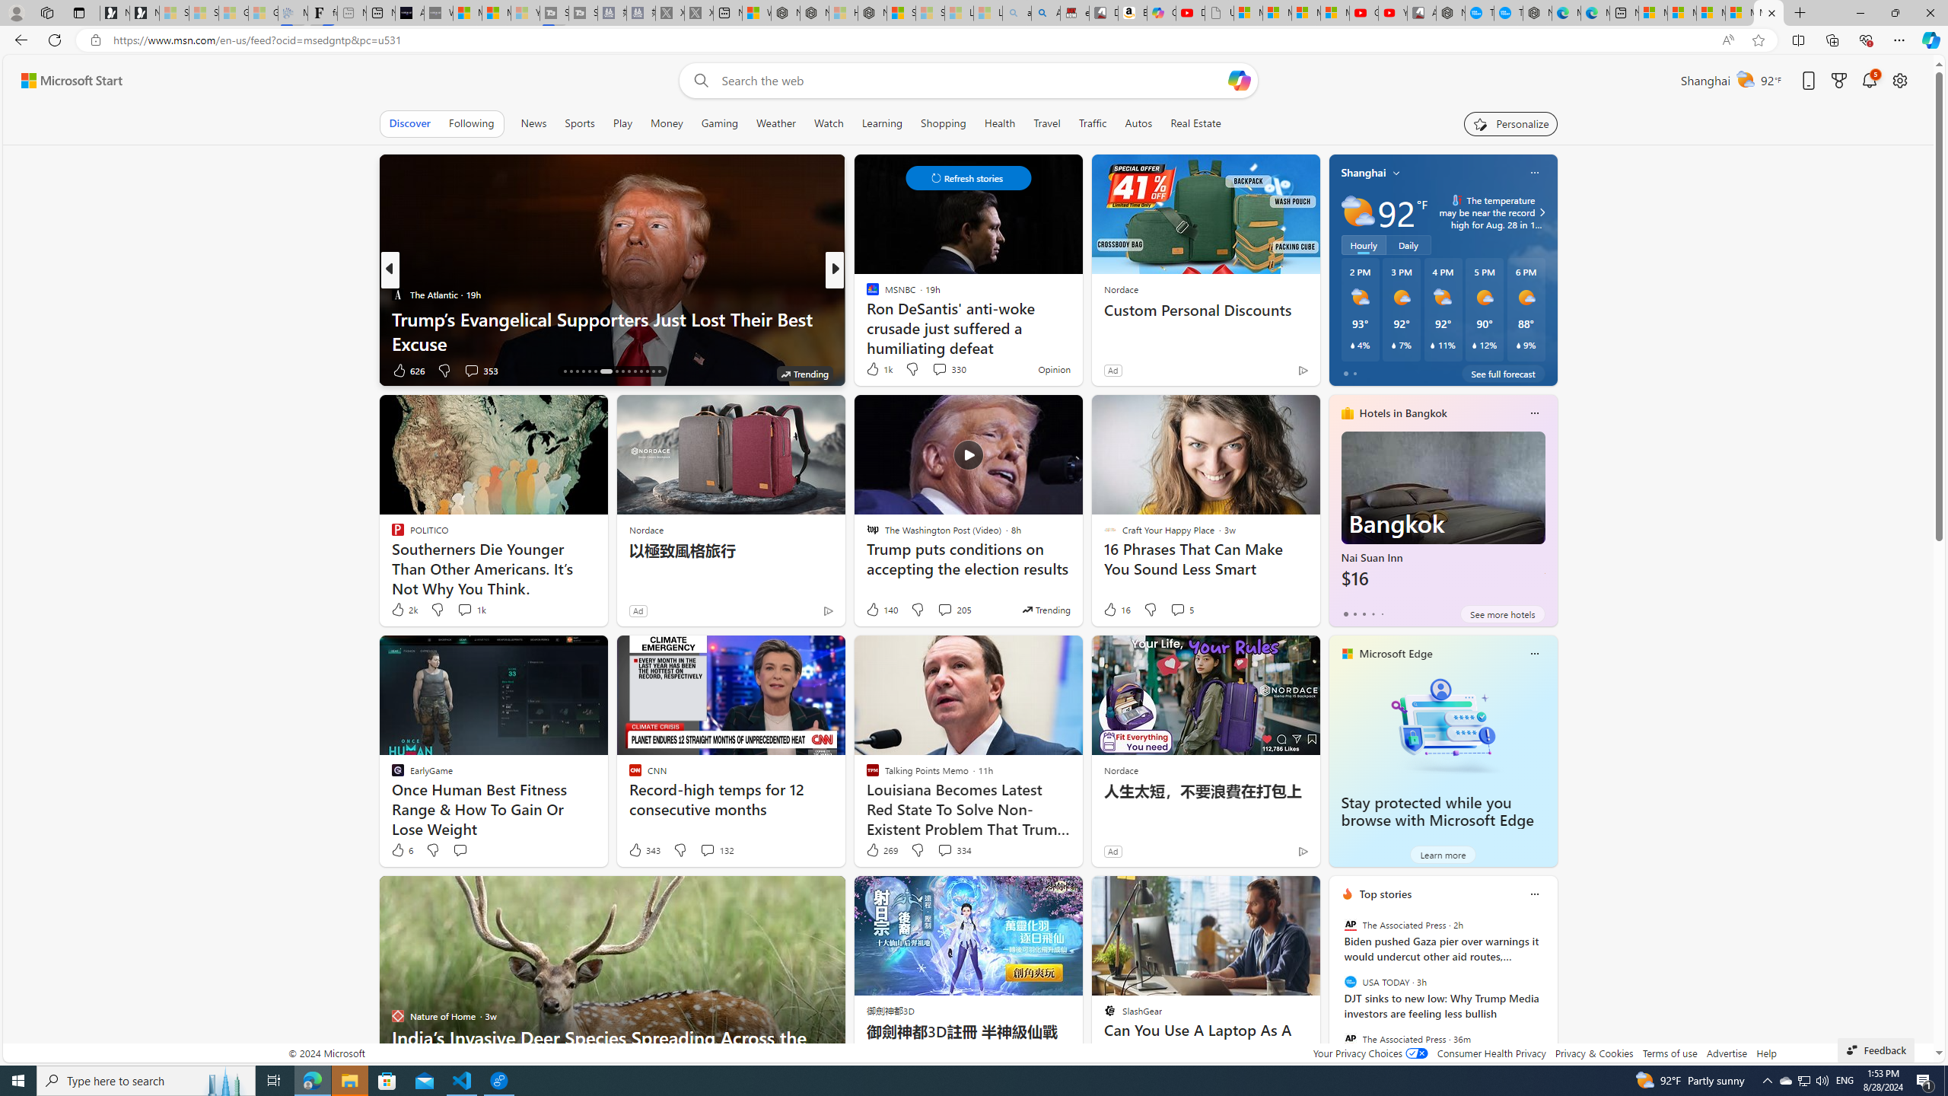 The image size is (1948, 1096). I want to click on 'Gloom - YouTube', so click(1363, 12).